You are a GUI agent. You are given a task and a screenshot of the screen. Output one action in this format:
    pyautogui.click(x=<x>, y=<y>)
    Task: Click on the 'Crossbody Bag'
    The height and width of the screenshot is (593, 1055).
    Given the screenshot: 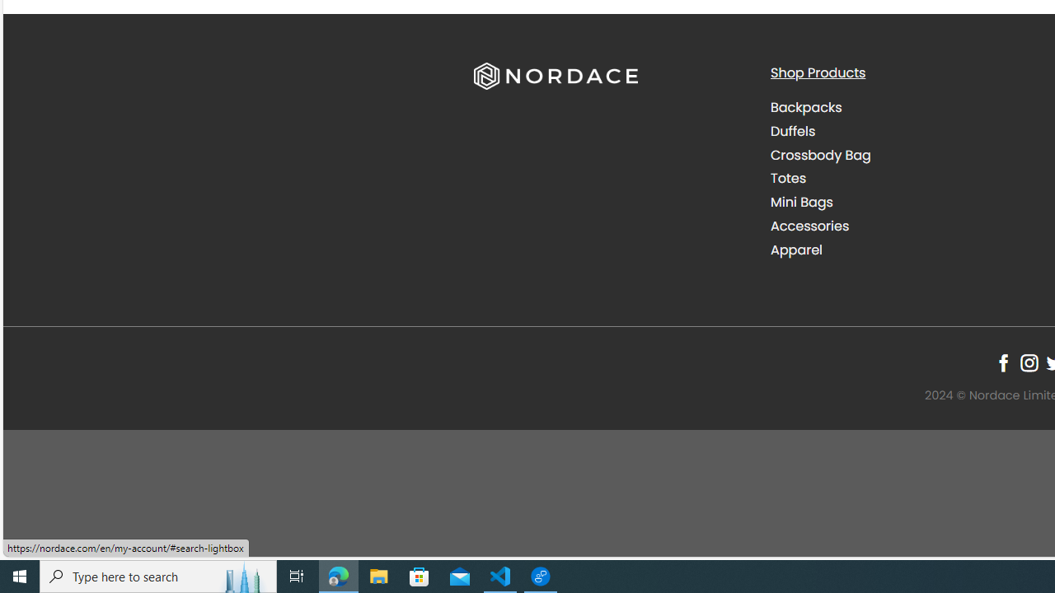 What is the action you would take?
    pyautogui.click(x=820, y=154)
    